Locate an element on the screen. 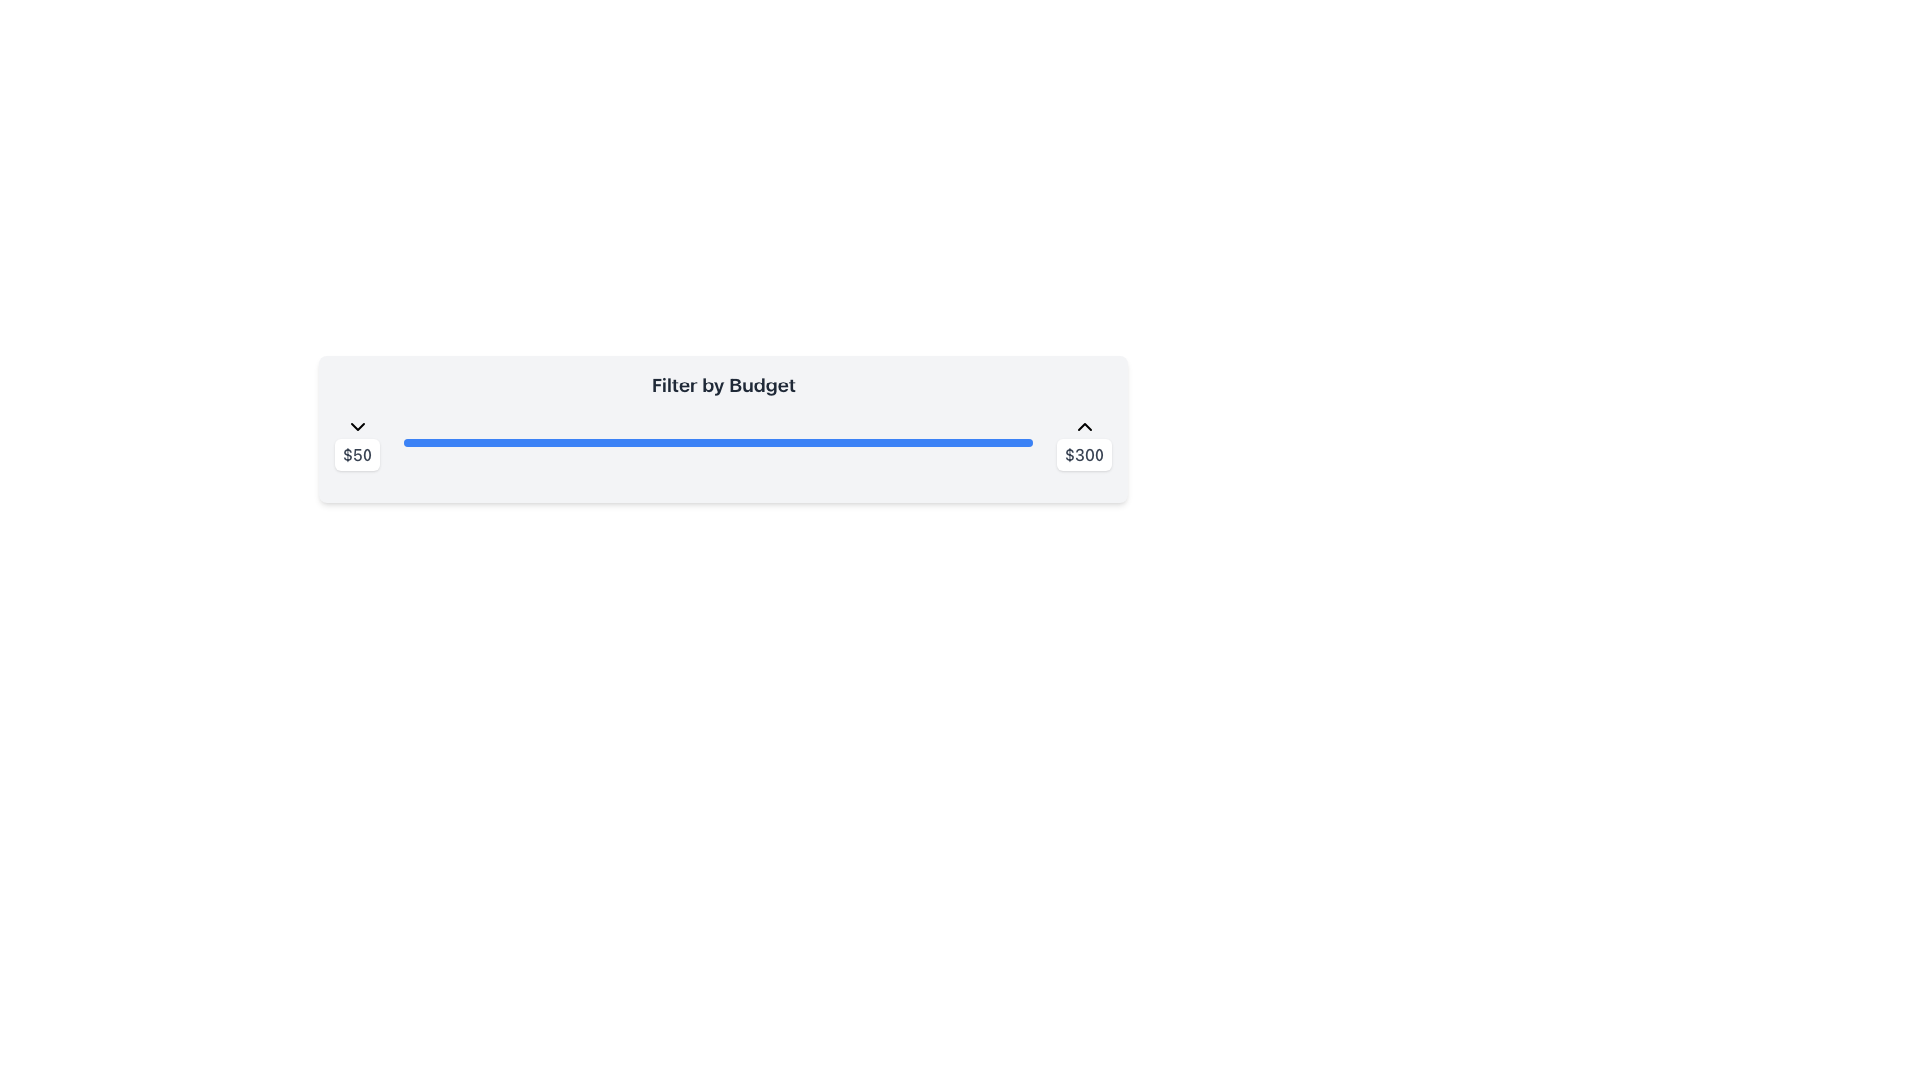  the budget filter is located at coordinates (916, 442).